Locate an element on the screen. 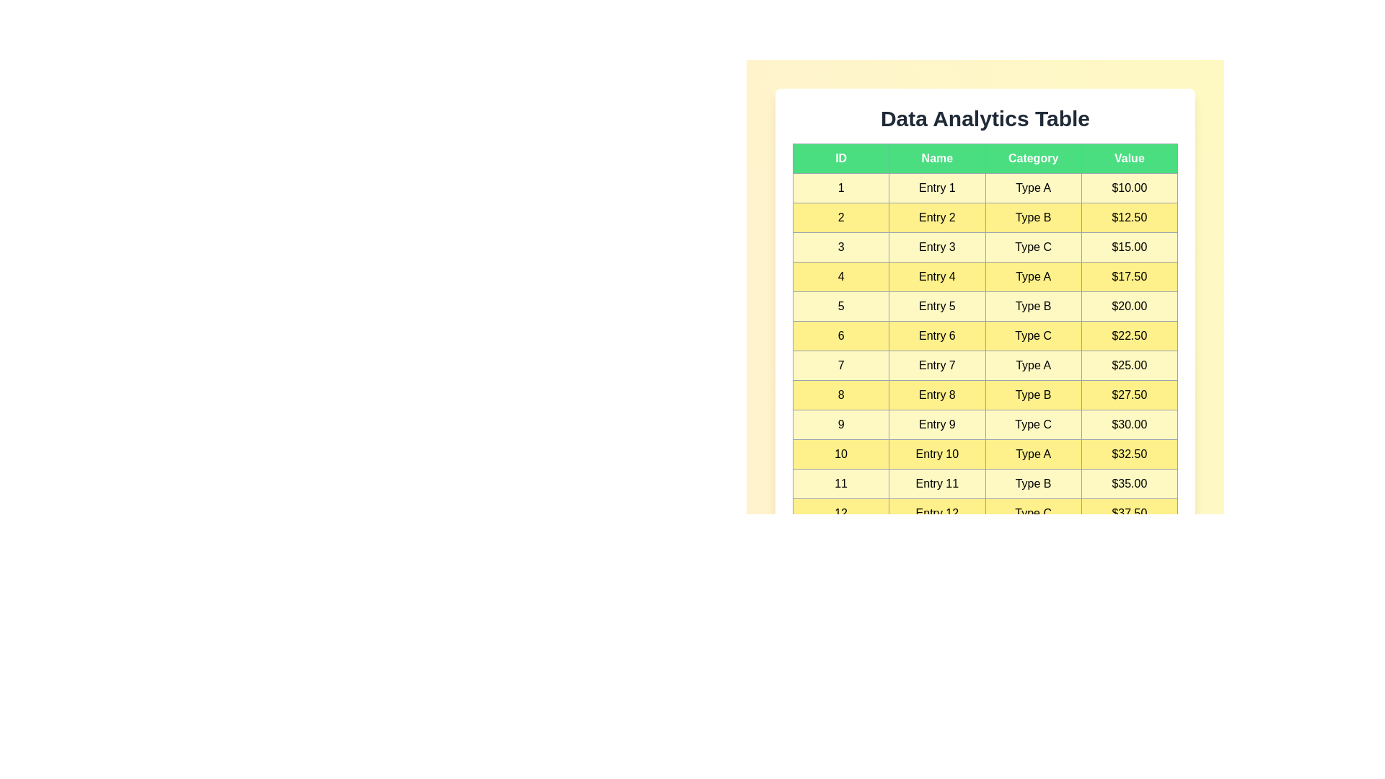 Image resolution: width=1385 pixels, height=779 pixels. the column header Category to sort rows is located at coordinates (1032, 158).